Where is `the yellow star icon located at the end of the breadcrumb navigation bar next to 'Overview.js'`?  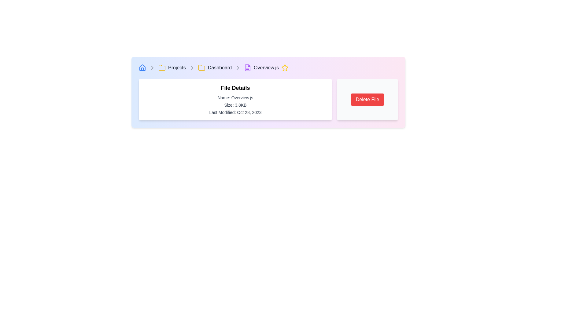
the yellow star icon located at the end of the breadcrumb navigation bar next to 'Overview.js' is located at coordinates (284, 68).